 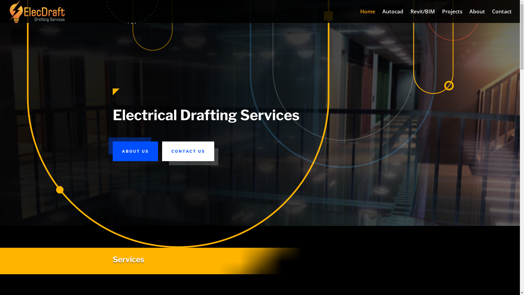 I want to click on 'Projects', so click(x=452, y=16).